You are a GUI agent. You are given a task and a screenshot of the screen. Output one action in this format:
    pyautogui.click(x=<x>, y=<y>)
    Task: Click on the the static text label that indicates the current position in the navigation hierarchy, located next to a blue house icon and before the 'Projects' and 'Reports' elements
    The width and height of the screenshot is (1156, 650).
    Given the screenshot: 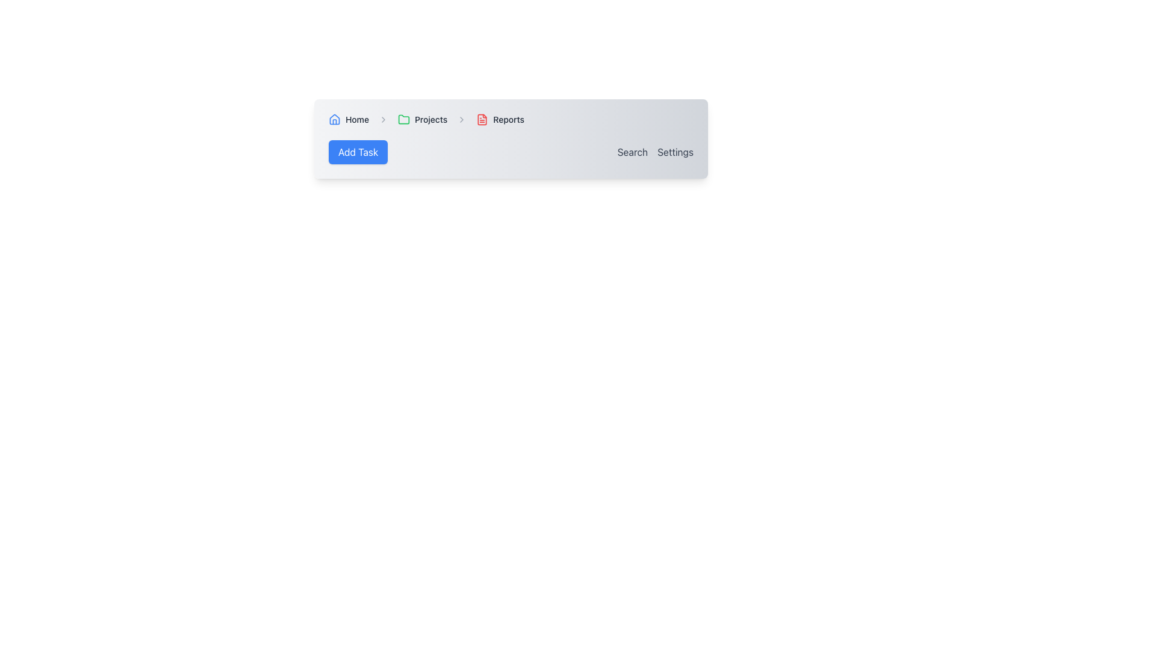 What is the action you would take?
    pyautogui.click(x=356, y=120)
    